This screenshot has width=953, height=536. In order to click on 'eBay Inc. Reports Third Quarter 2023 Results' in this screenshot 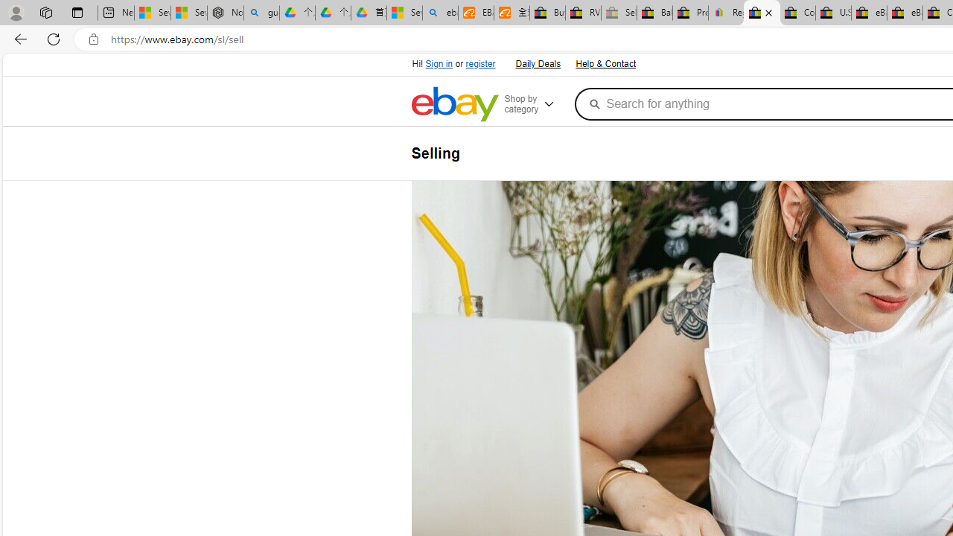, I will do `click(904, 13)`.